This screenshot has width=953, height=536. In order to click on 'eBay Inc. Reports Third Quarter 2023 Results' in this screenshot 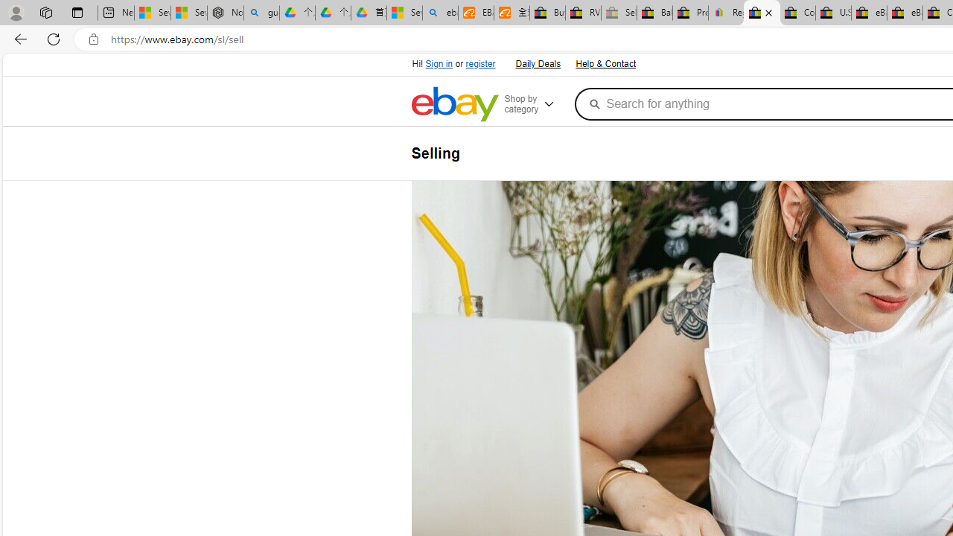, I will do `click(904, 13)`.